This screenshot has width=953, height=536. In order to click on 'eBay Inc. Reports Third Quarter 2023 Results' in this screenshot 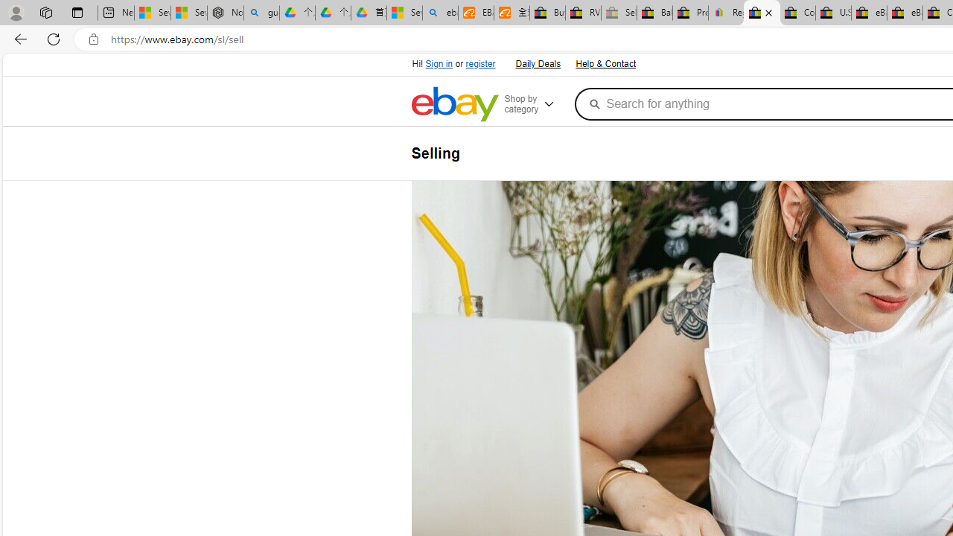, I will do `click(904, 13)`.